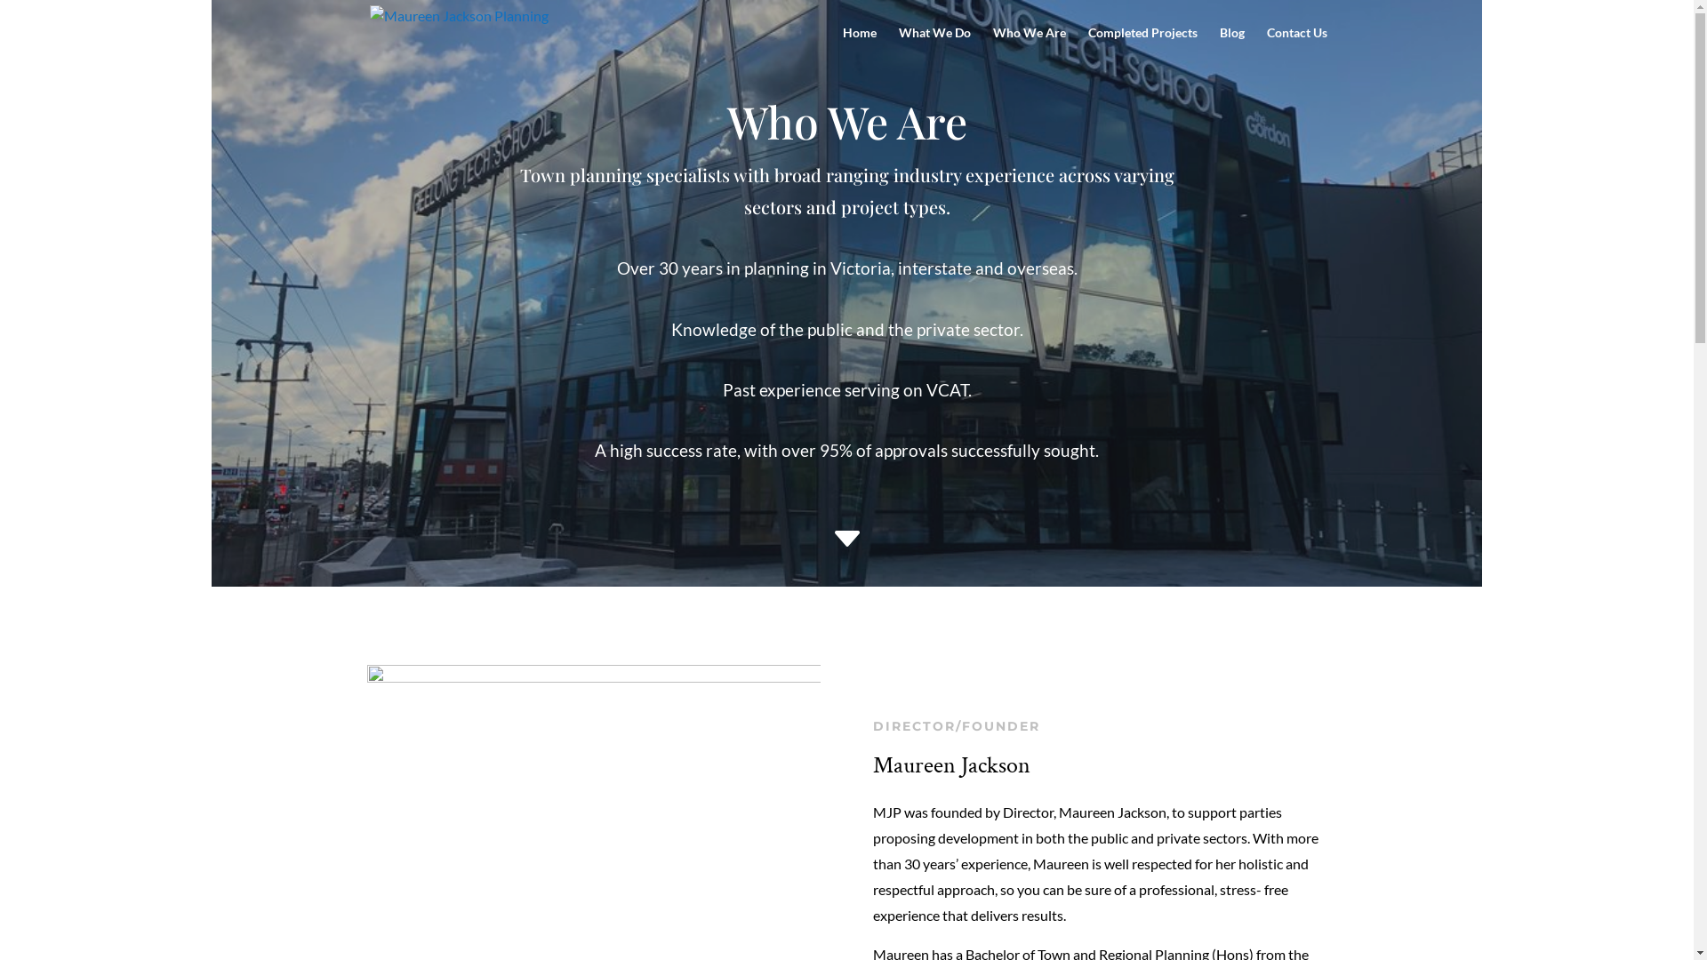  Describe the element at coordinates (1087, 44) in the screenshot. I see `'Completed Projects'` at that location.